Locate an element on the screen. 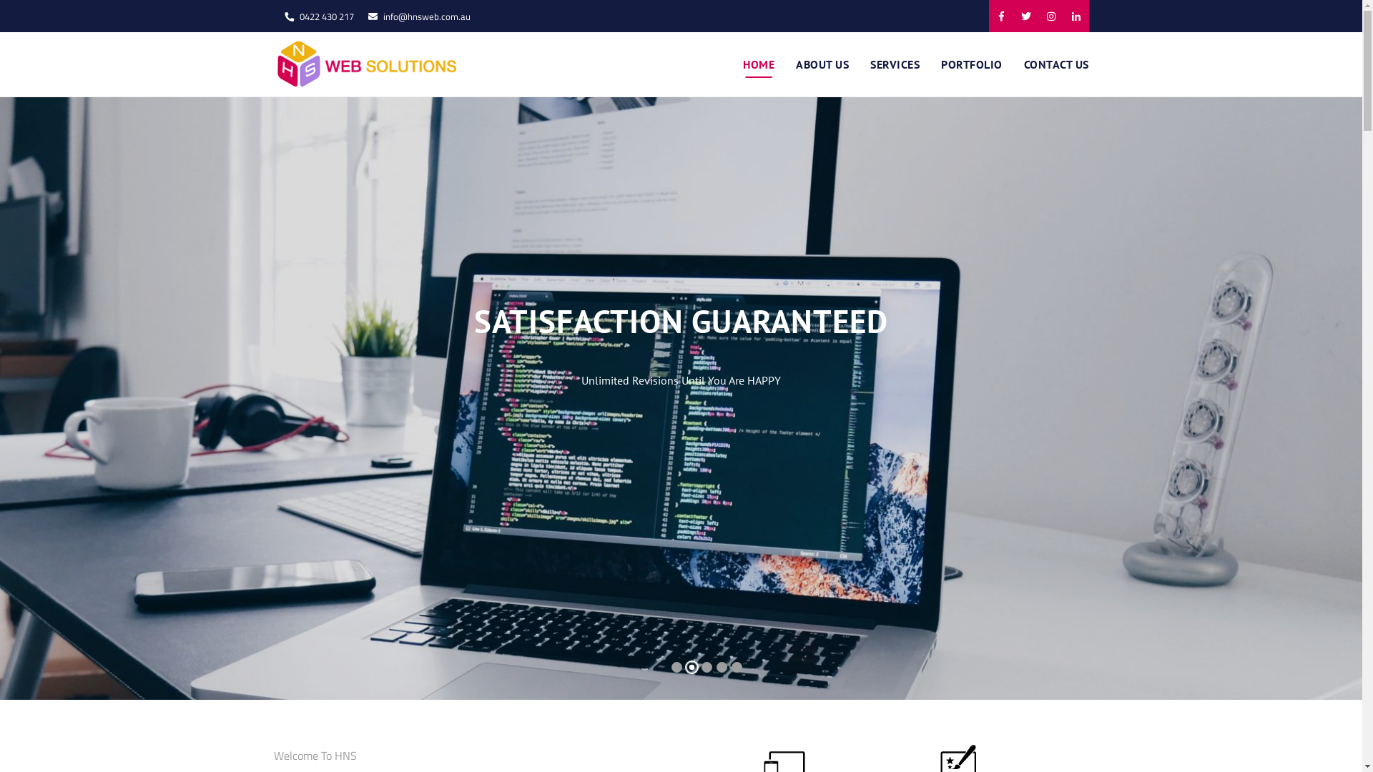 This screenshot has height=772, width=1373. 'CONTACT US' is located at coordinates (1012, 63).